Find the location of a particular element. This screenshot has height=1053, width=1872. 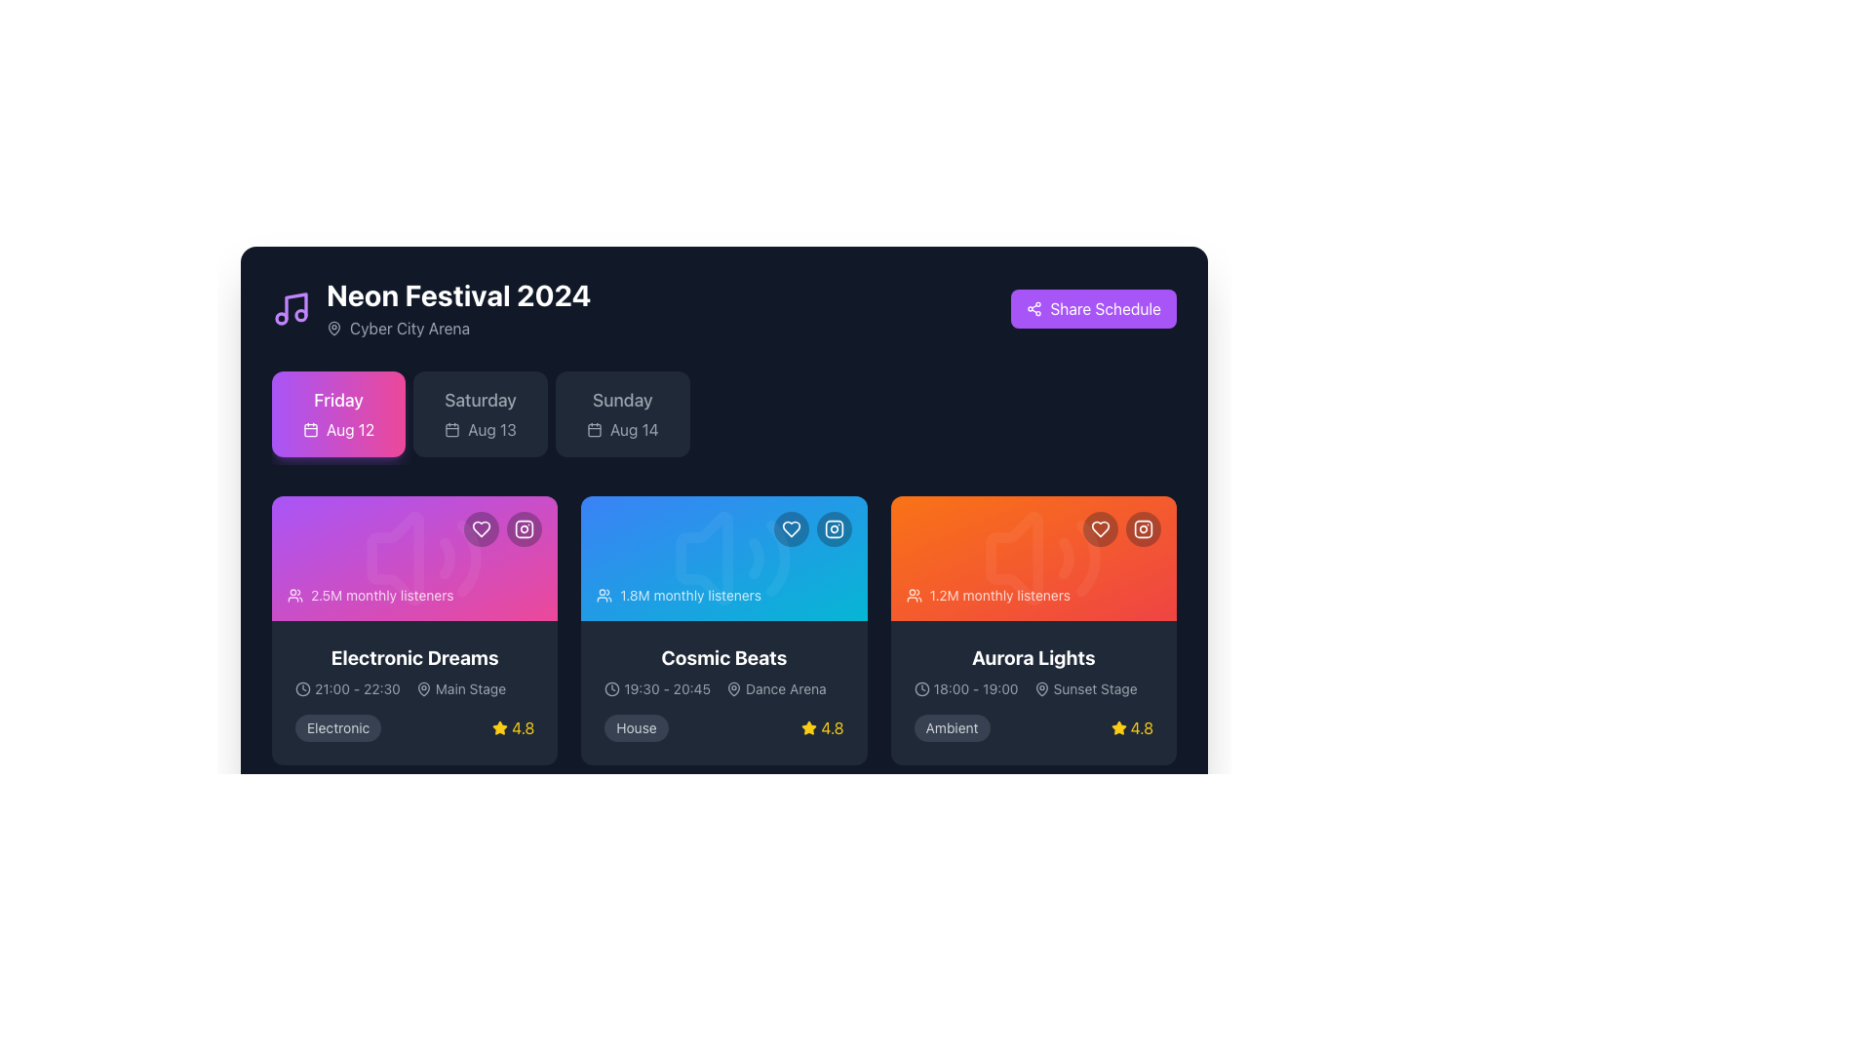

the primary circular SVG component of the clock or timer icon located at the center of the 'Electronic Dreams' section is located at coordinates (302, 687).